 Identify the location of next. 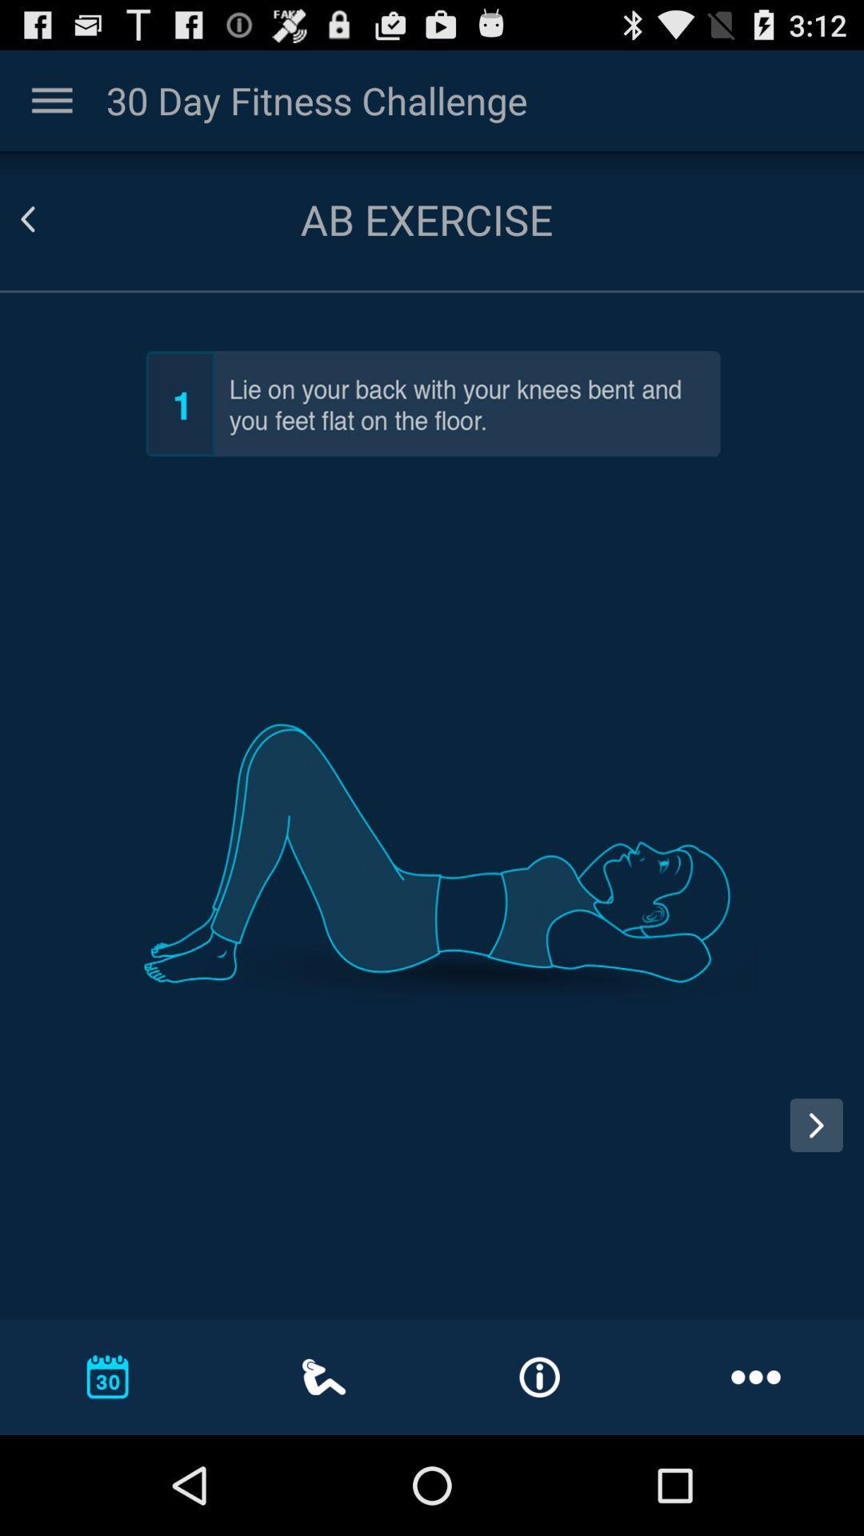
(816, 1124).